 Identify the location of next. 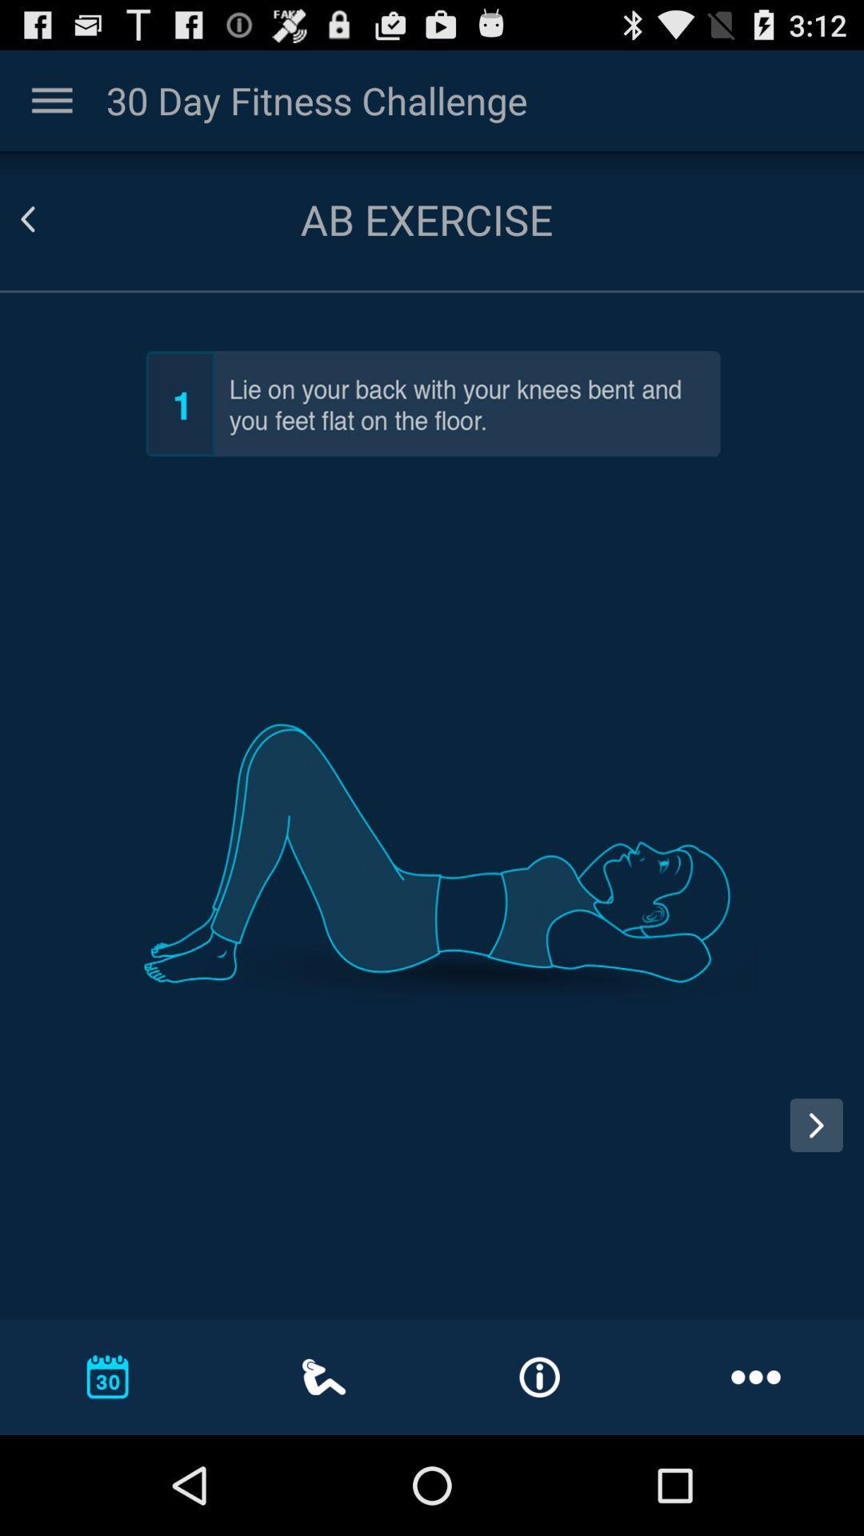
(816, 1124).